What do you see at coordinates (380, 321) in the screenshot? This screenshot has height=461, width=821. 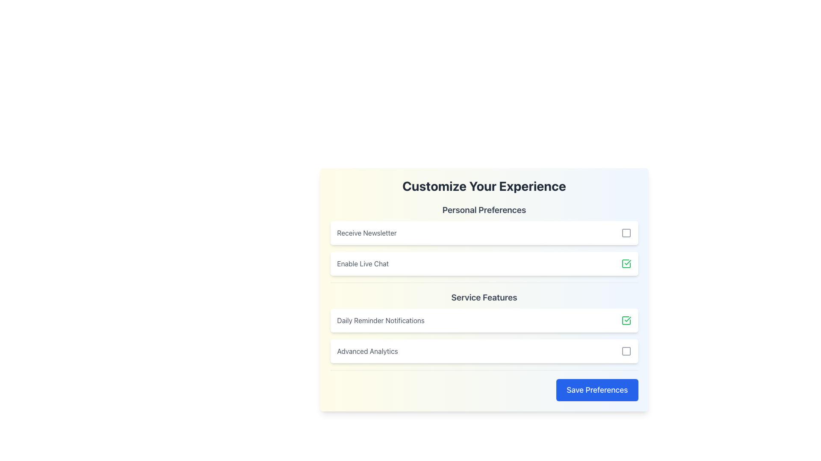 I see `'Daily Reminder Notifications' text label, which is displayed in gray font and is part of the 'Service Features' section` at bounding box center [380, 321].